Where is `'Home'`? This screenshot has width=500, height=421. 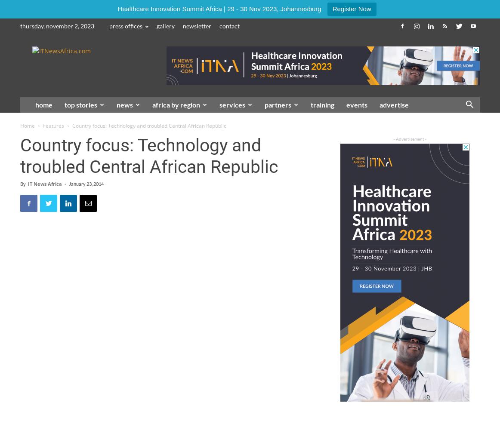 'Home' is located at coordinates (27, 126).